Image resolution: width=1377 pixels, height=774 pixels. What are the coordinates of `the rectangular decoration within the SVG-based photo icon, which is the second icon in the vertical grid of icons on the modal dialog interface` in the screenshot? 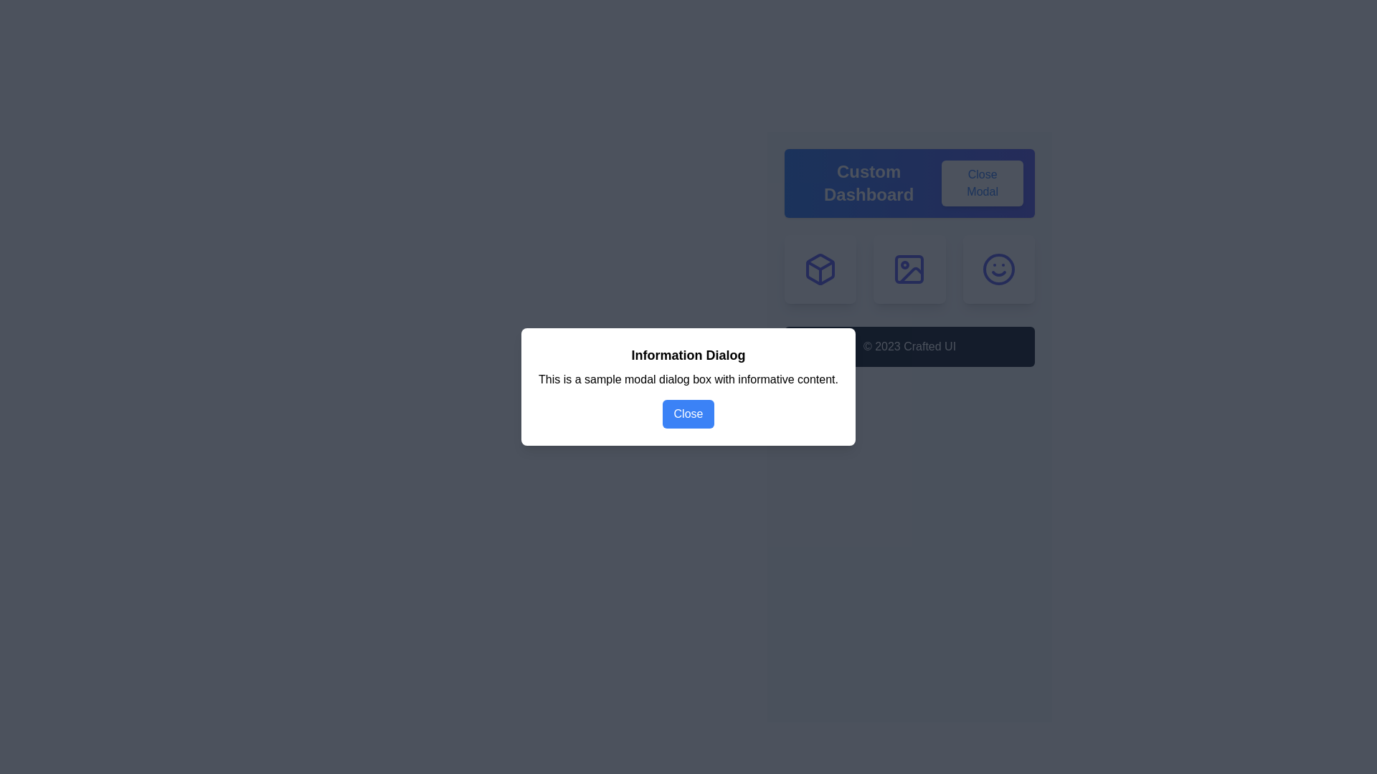 It's located at (909, 269).